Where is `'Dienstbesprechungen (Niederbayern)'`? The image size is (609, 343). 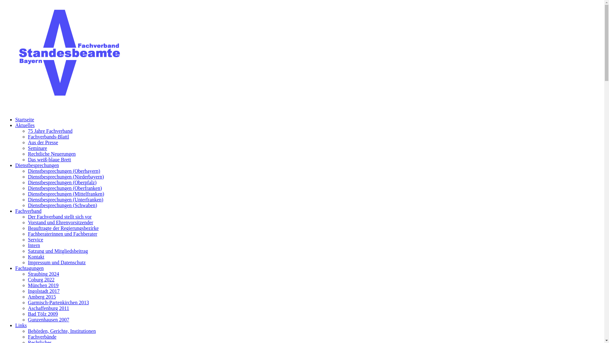 'Dienstbesprechungen (Niederbayern)' is located at coordinates (66, 177).